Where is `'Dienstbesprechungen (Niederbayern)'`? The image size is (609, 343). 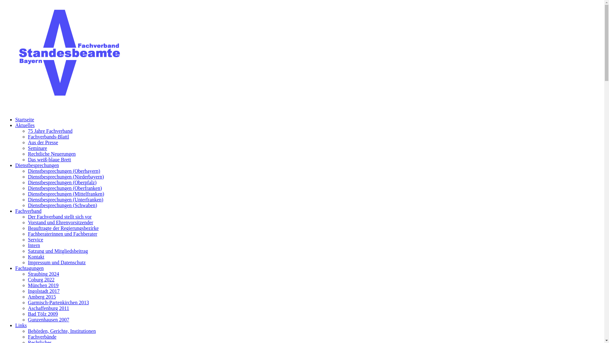 'Dienstbesprechungen (Niederbayern)' is located at coordinates (66, 177).